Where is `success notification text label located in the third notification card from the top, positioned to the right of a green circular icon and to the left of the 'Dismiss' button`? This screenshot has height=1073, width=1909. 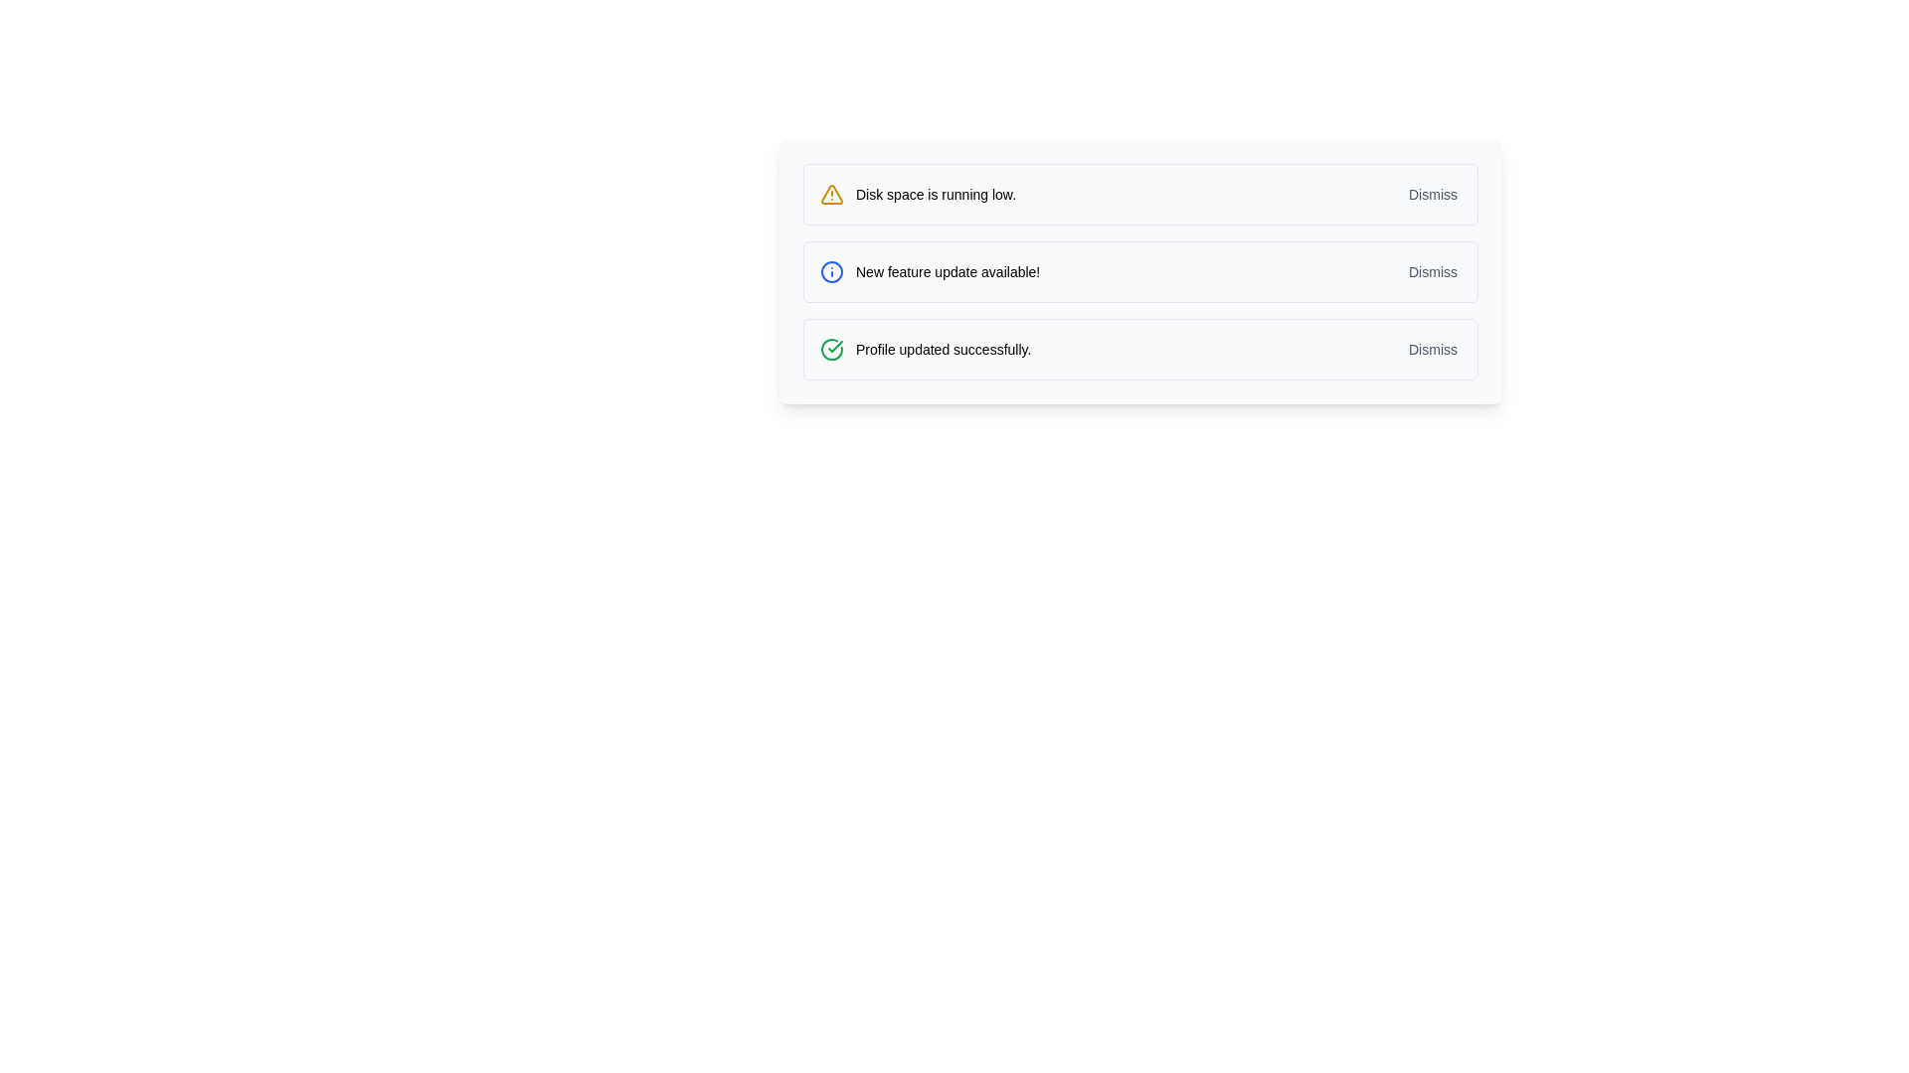 success notification text label located in the third notification card from the top, positioned to the right of a green circular icon and to the left of the 'Dismiss' button is located at coordinates (943, 348).